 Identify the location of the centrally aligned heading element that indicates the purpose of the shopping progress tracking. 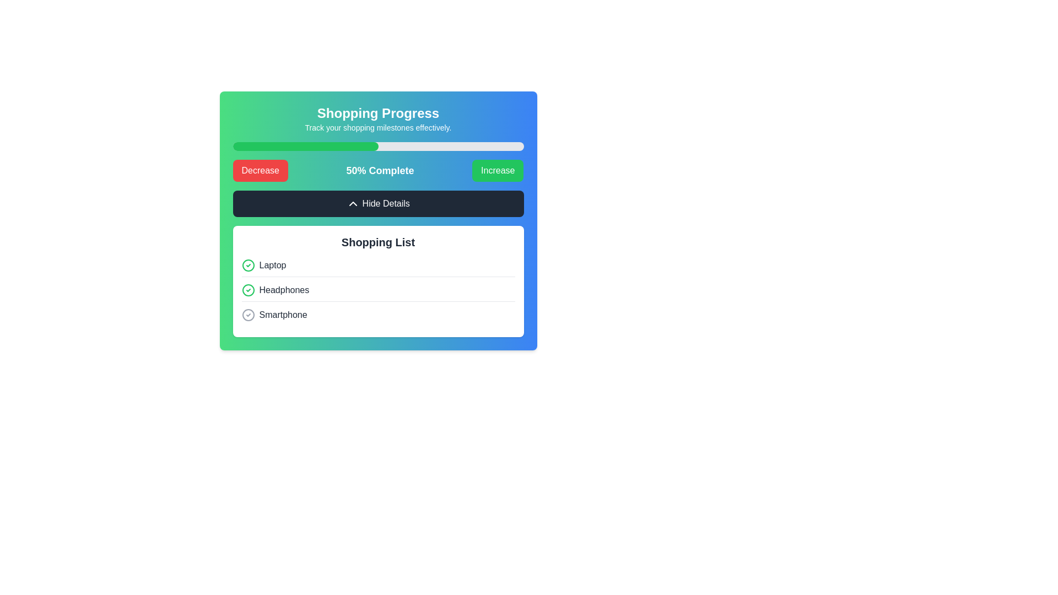
(378, 113).